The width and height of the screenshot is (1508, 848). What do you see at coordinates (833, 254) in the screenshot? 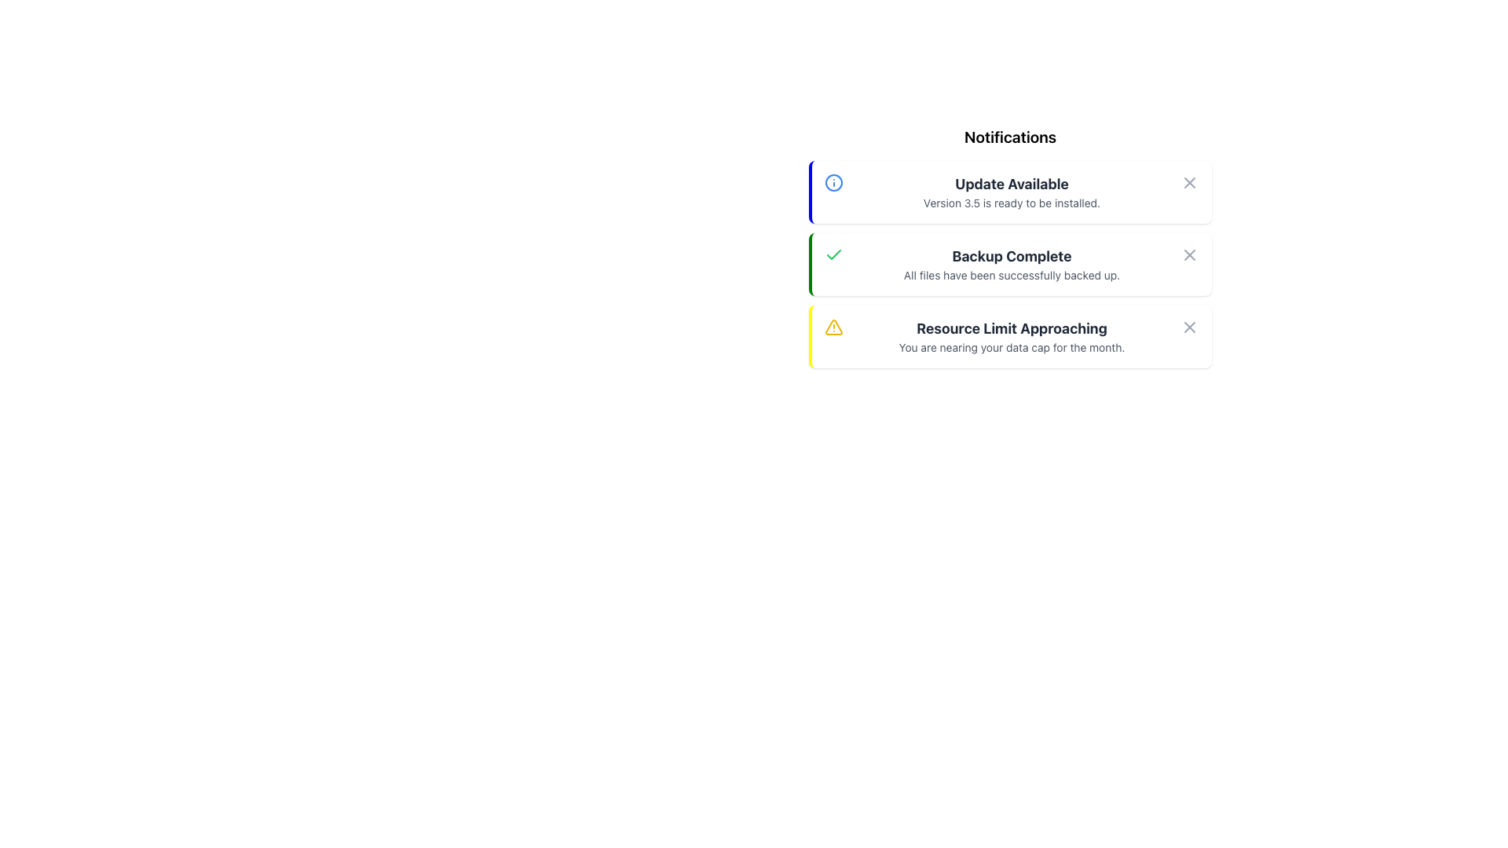
I see `the icon that signifies the successful completion of a task, specifically positioned to the left of the 'Backup Complete' text` at bounding box center [833, 254].